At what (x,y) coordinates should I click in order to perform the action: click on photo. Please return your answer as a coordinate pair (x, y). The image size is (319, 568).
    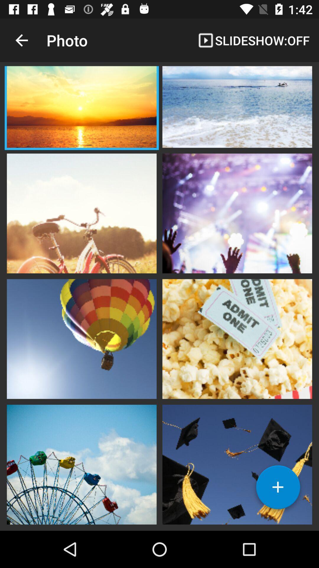
    Looking at the image, I should click on (82, 464).